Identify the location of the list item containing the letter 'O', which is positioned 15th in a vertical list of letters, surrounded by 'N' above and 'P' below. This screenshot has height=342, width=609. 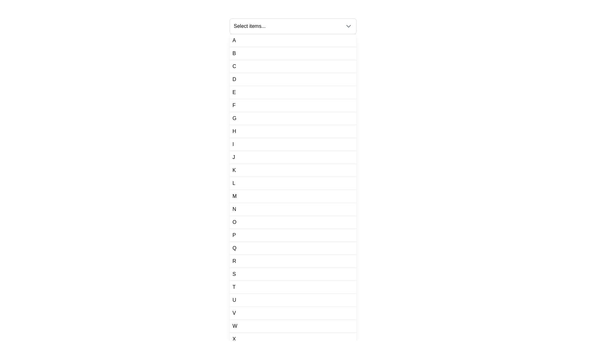
(293, 222).